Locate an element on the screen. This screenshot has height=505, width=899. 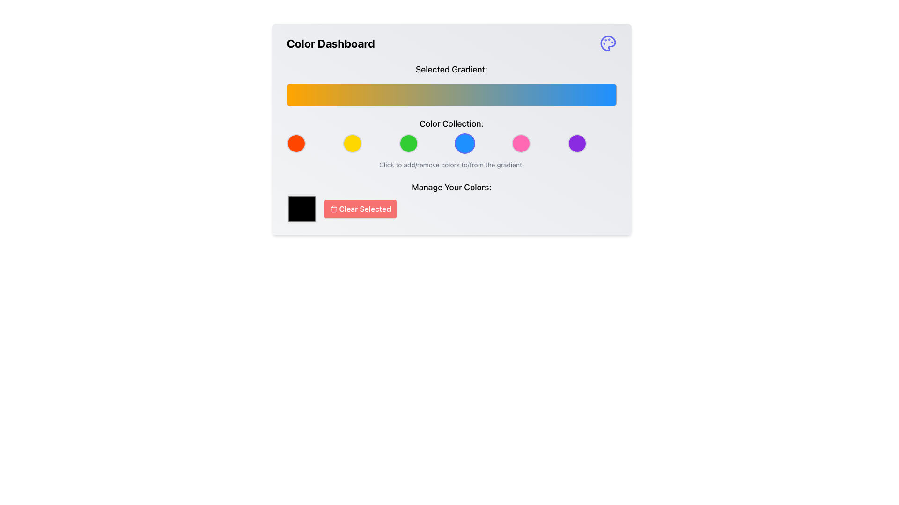
the gradient displayed in the Gradient Display Section, which transitions from orange to blue, located below the heading 'Selected Gradient:' is located at coordinates (451, 85).